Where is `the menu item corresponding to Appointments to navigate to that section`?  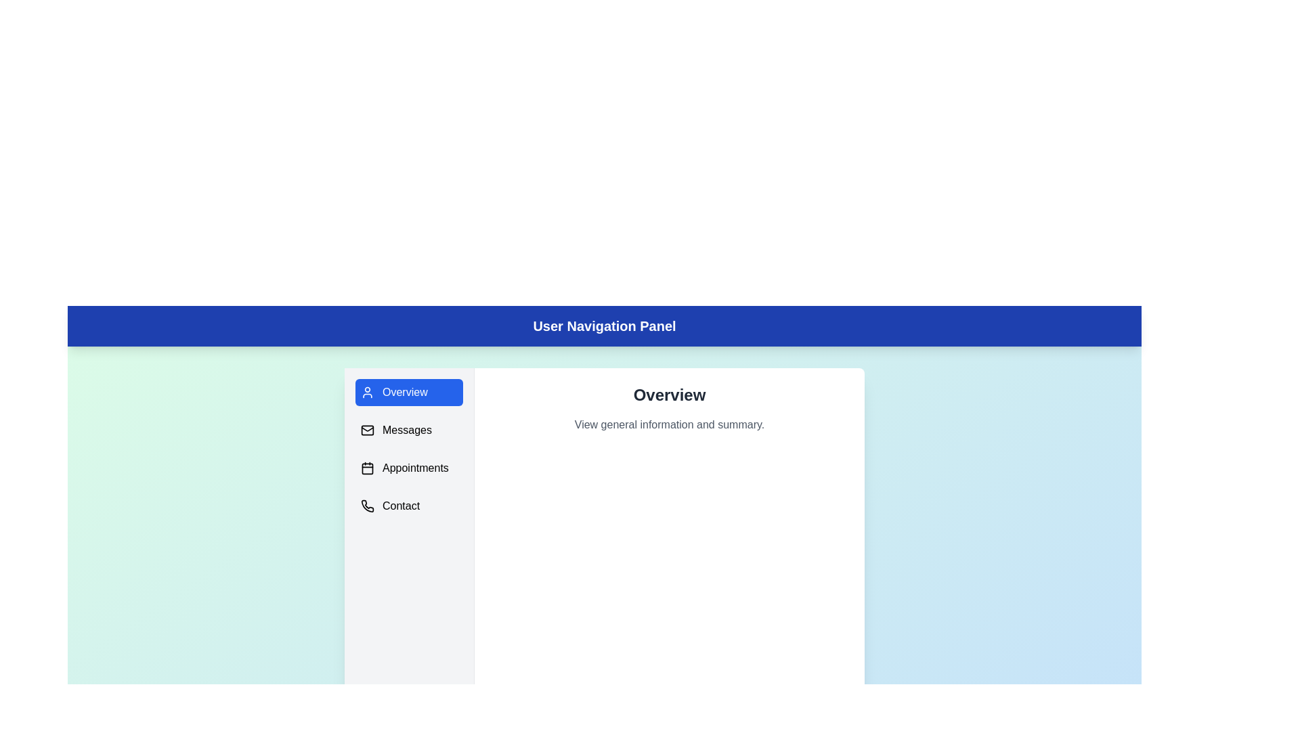
the menu item corresponding to Appointments to navigate to that section is located at coordinates (408, 467).